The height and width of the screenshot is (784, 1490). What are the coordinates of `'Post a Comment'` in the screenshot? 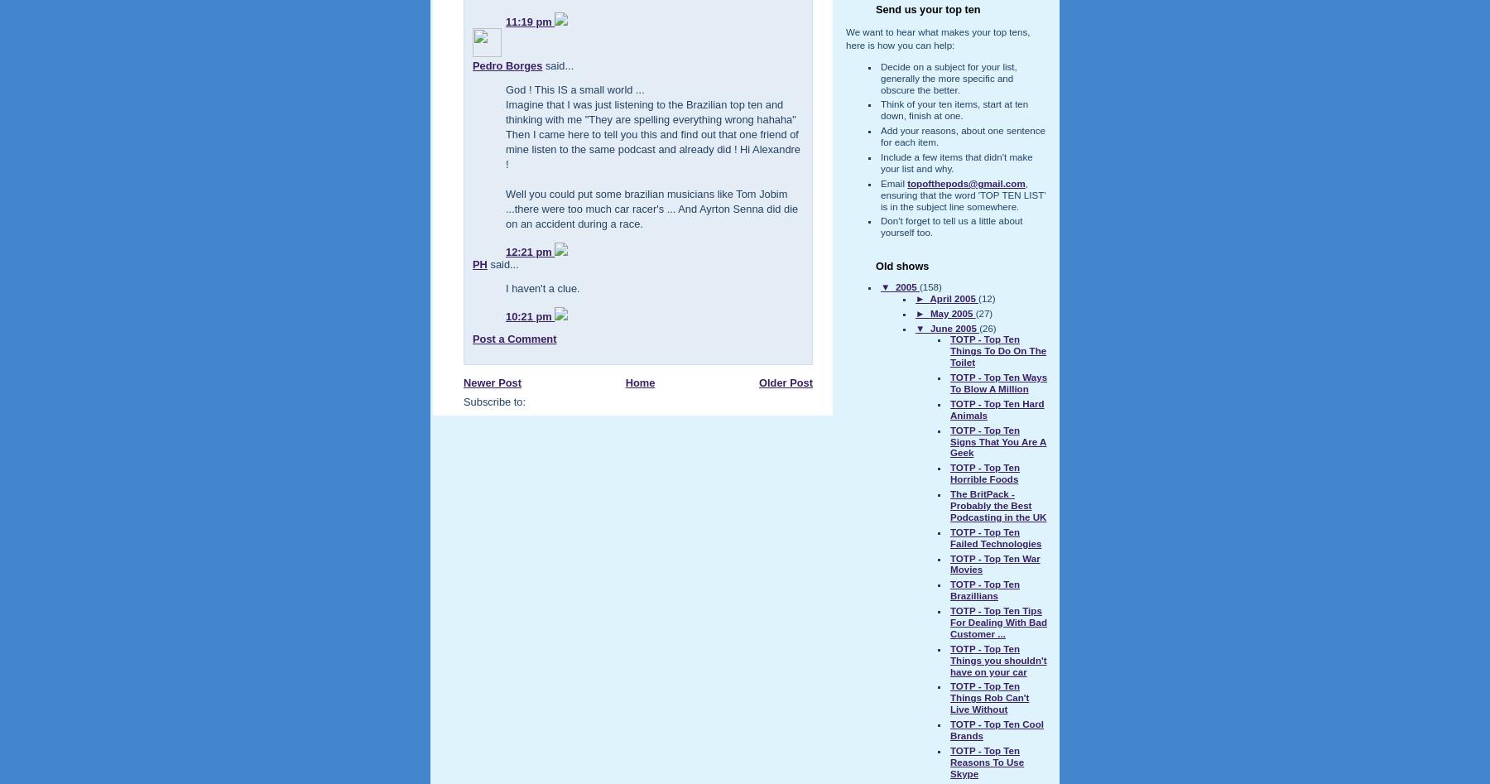 It's located at (514, 339).